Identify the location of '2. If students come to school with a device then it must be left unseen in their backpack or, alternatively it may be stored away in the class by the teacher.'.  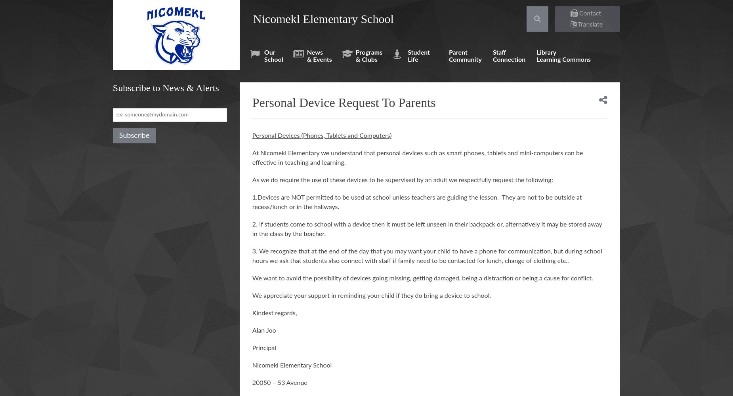
(426, 229).